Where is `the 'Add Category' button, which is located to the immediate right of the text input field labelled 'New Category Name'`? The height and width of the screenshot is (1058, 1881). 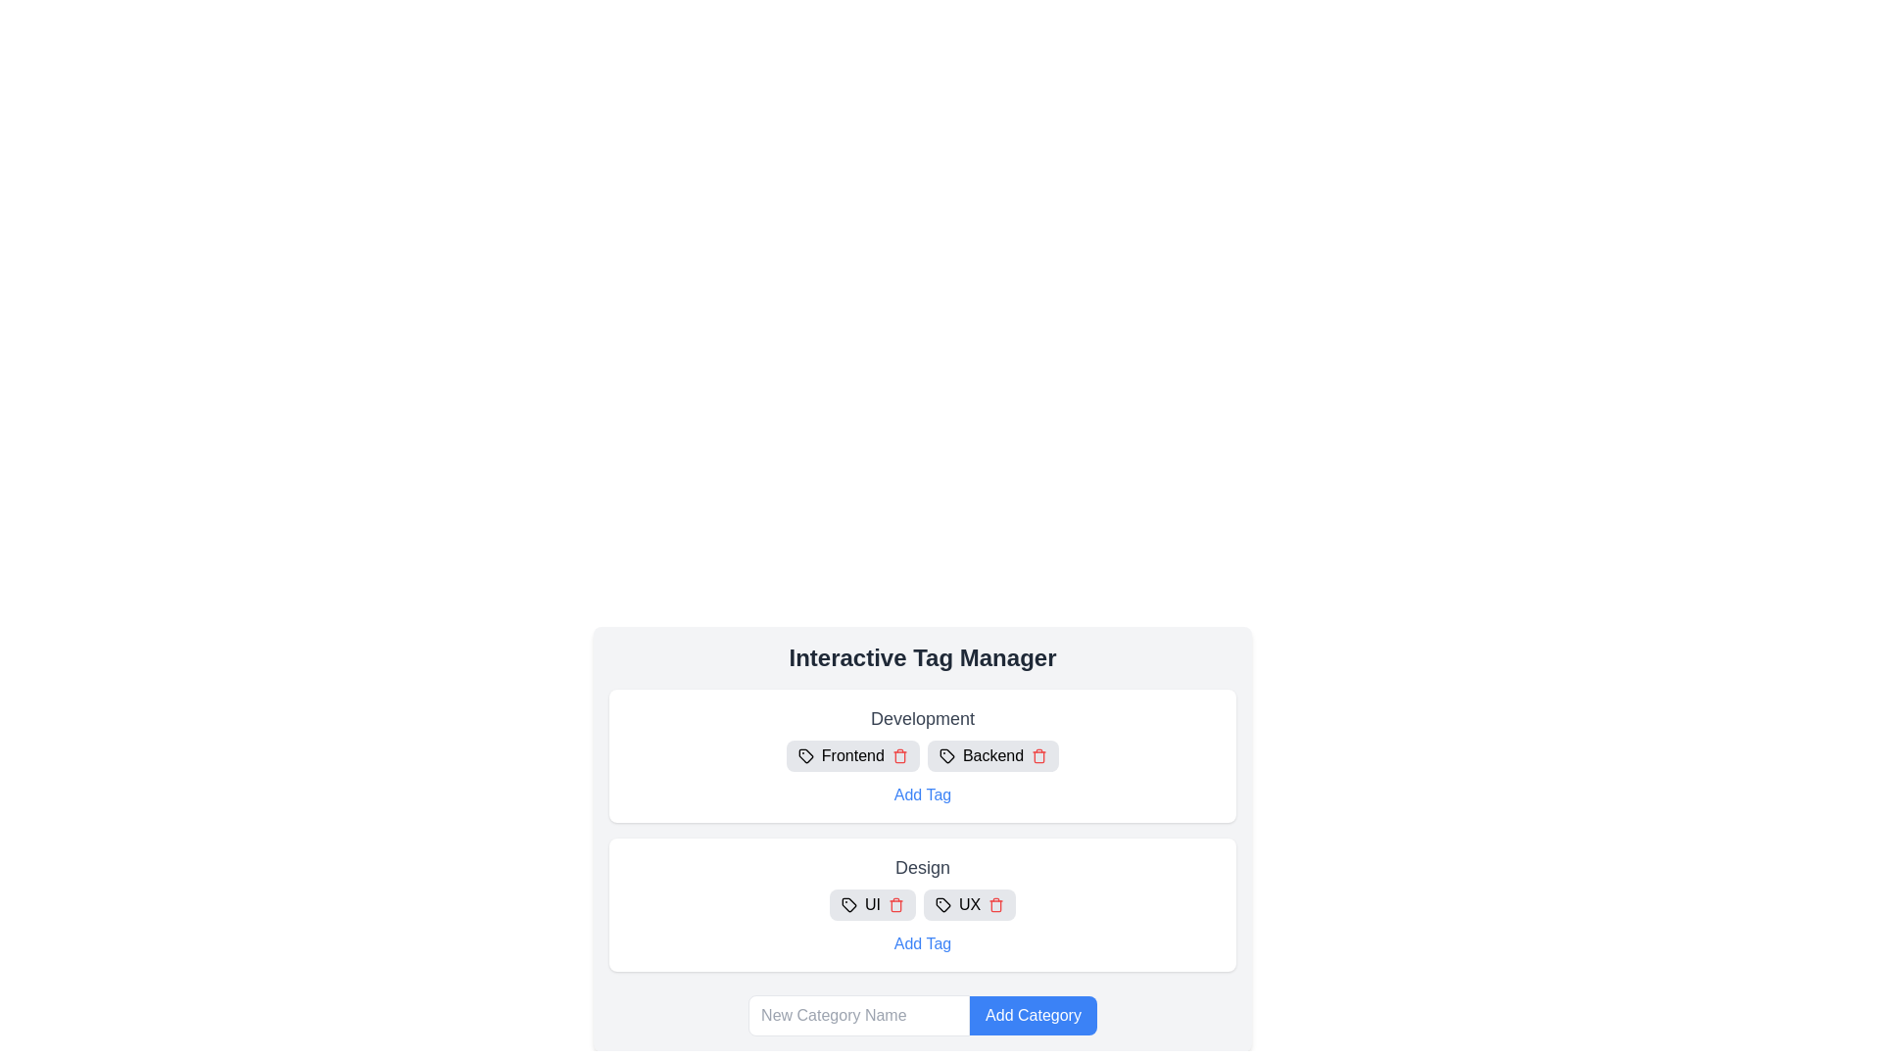
the 'Add Category' button, which is located to the immediate right of the text input field labelled 'New Category Name' is located at coordinates (1033, 1015).